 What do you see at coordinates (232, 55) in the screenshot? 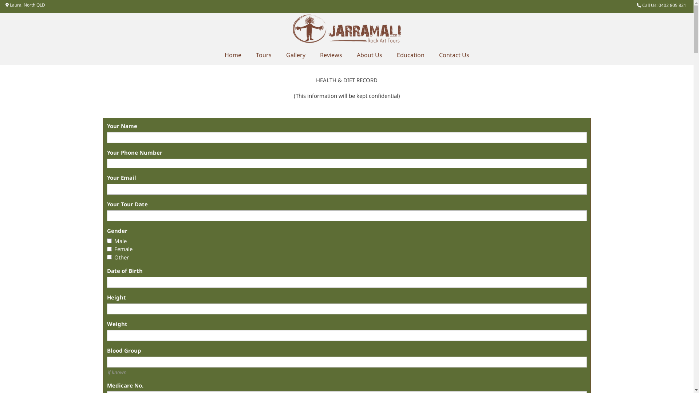
I see `'Home'` at bounding box center [232, 55].